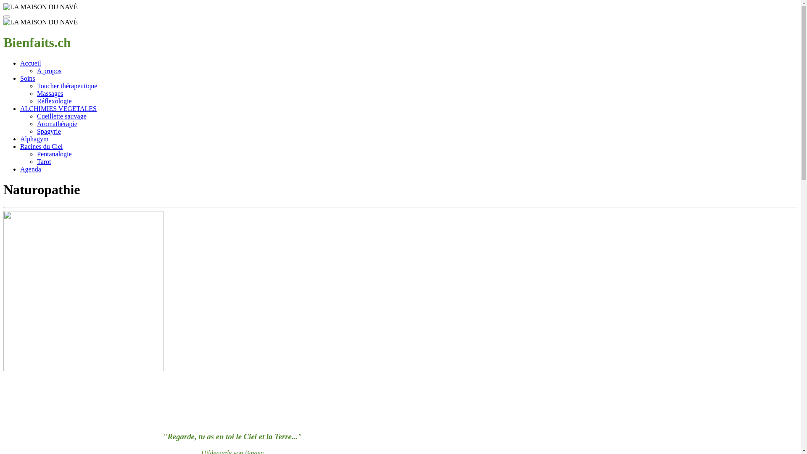 This screenshot has height=454, width=807. Describe the element at coordinates (20, 138) in the screenshot. I see `'Alphagym'` at that location.